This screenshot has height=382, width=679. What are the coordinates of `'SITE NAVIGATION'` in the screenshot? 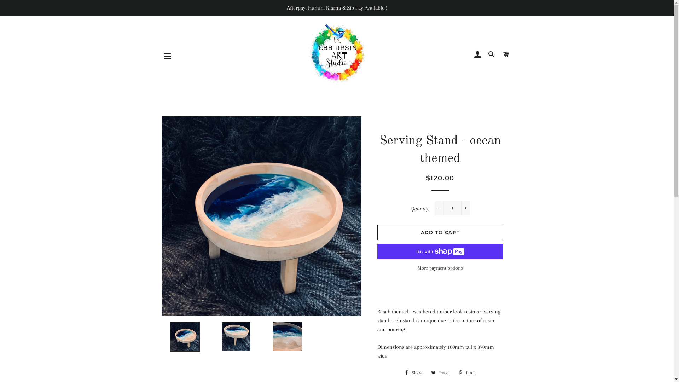 It's located at (167, 56).